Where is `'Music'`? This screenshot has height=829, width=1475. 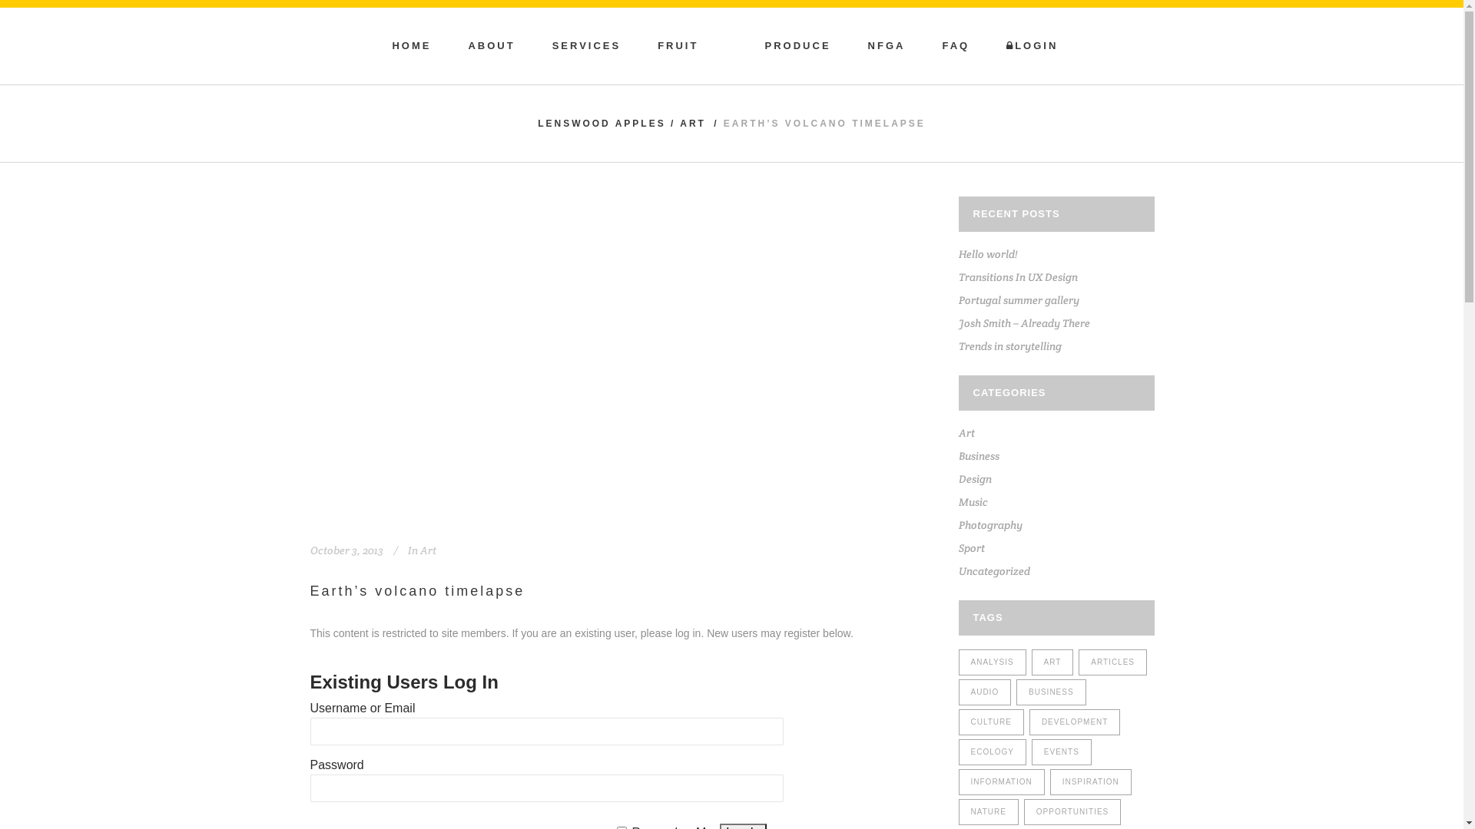 'Music' is located at coordinates (973, 502).